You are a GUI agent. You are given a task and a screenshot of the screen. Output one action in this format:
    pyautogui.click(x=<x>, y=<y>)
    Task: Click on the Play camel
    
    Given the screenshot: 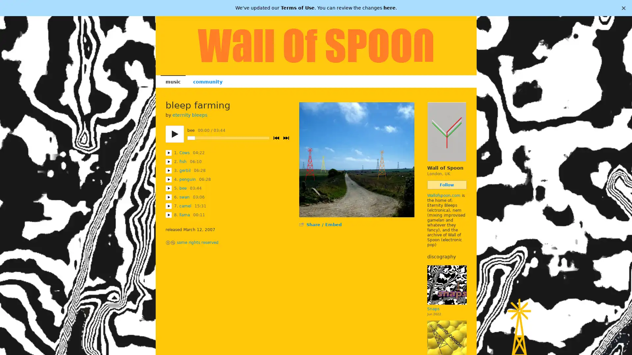 What is the action you would take?
    pyautogui.click(x=168, y=206)
    